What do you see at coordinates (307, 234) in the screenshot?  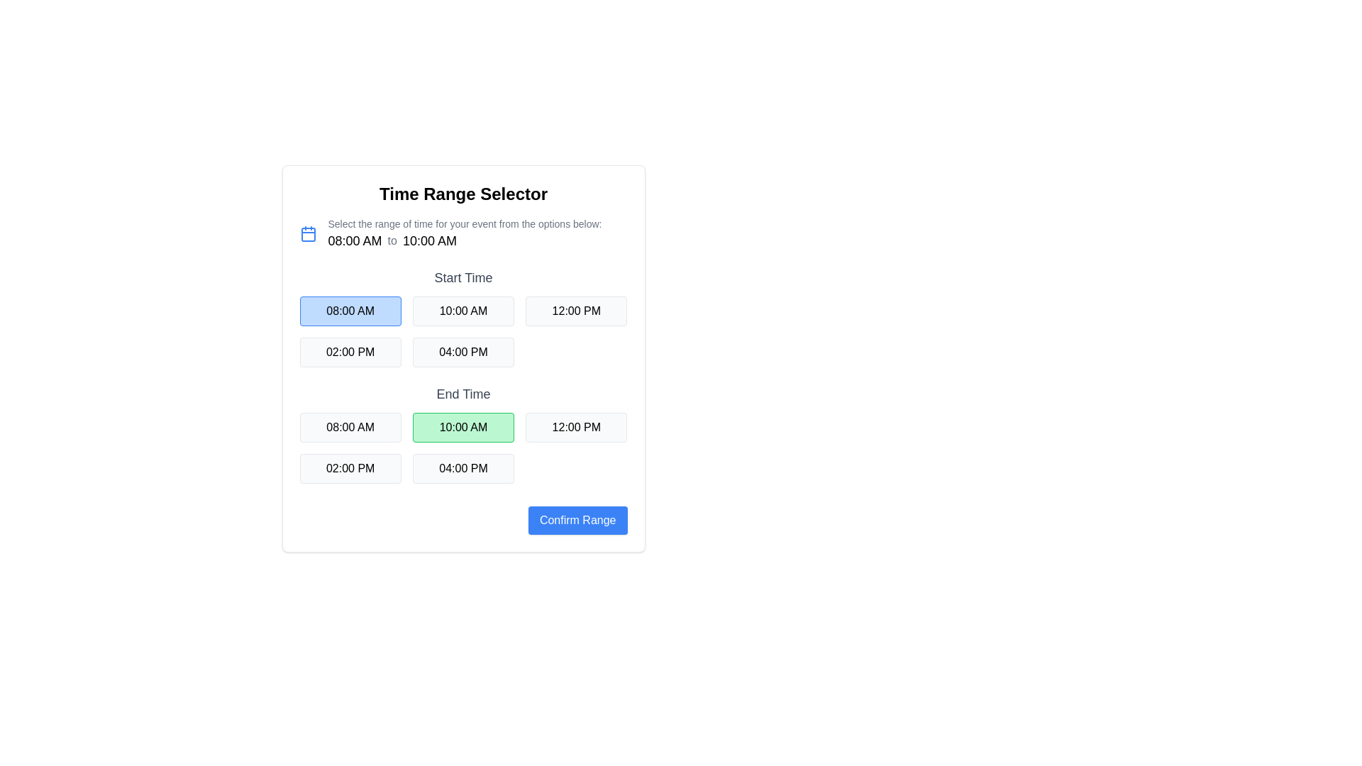 I see `the rounded rectangle area of the calendar icon, which is centrally located below the binding lines and to the left of the time text '08:00 AM to 10:00 AM'` at bounding box center [307, 234].